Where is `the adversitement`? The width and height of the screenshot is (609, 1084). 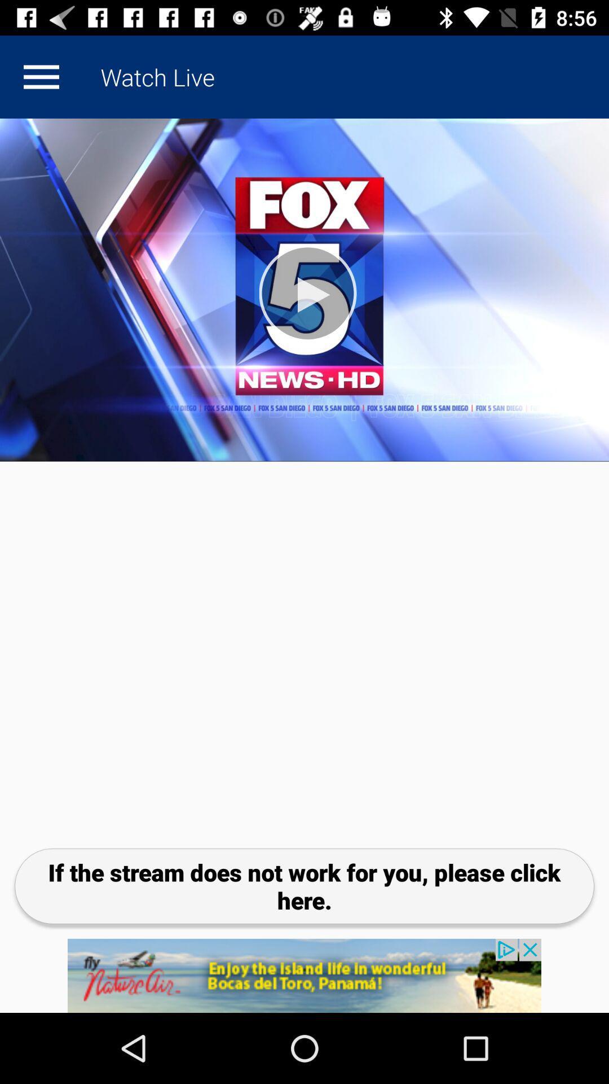 the adversitement is located at coordinates (304, 975).